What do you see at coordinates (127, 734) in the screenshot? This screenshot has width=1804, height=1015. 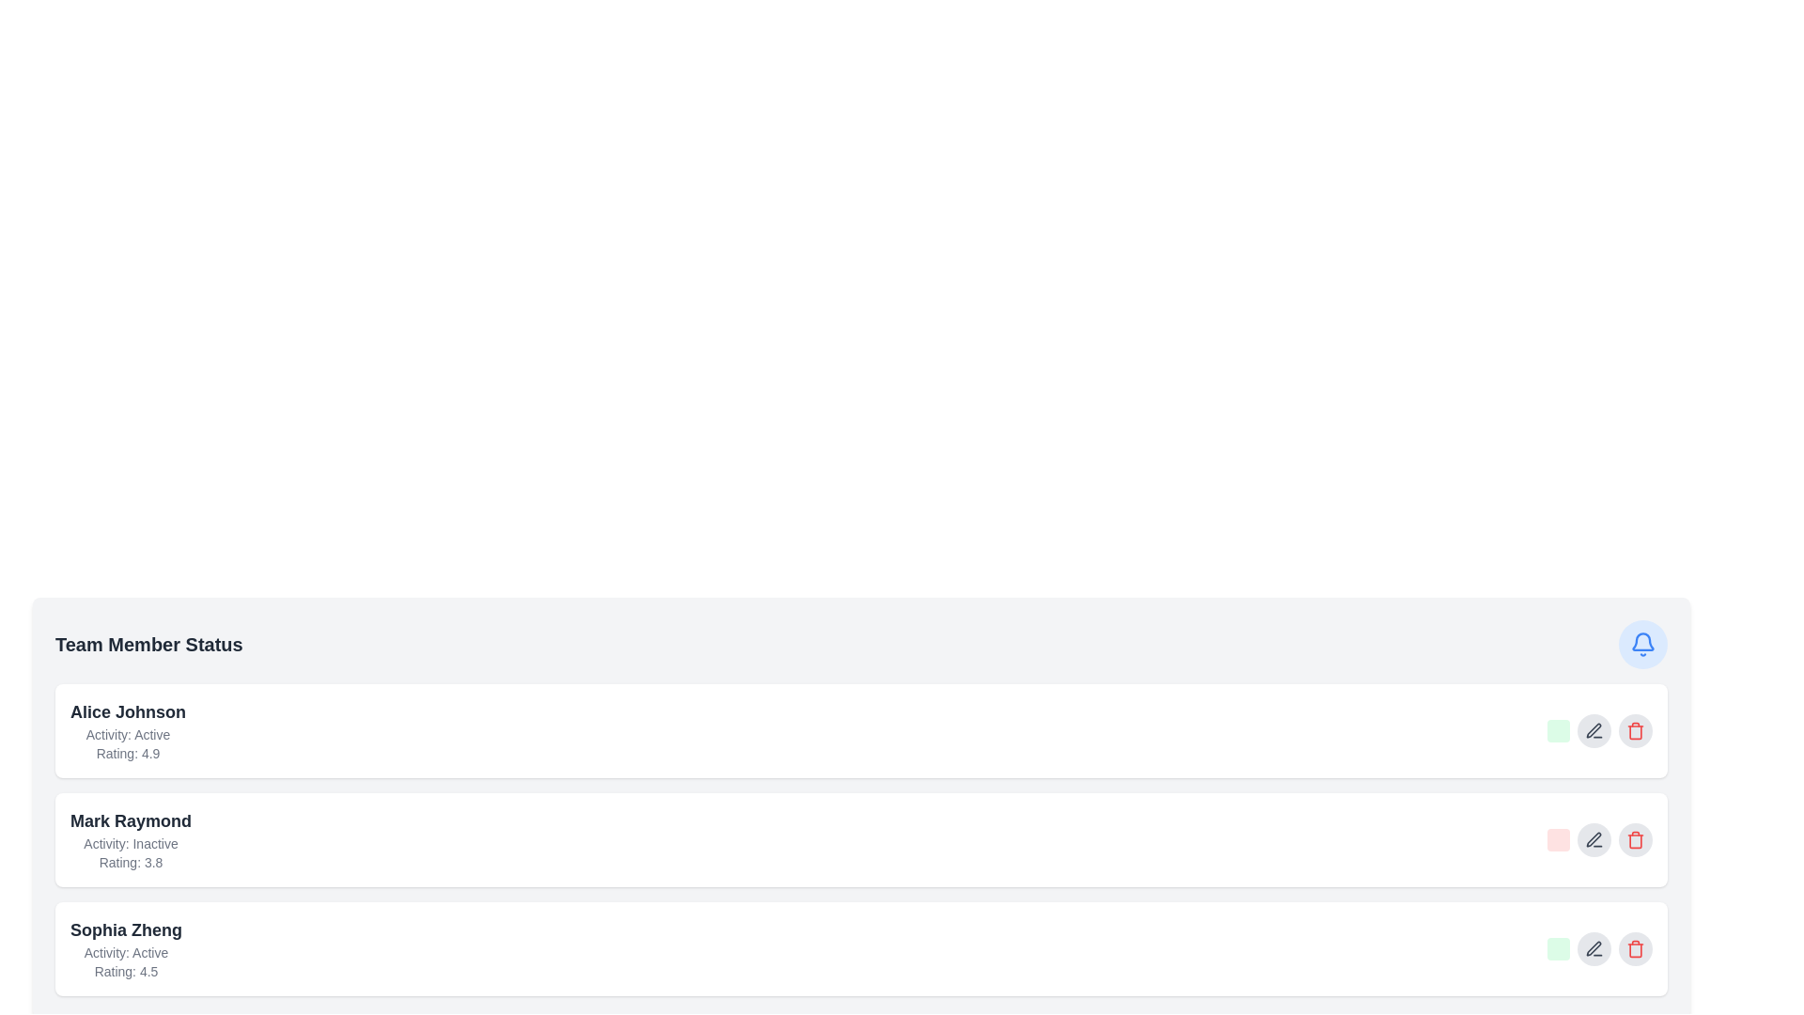 I see `the text label displaying 'Activity: Active', which is styled in gray and located within a user detail card, positioned below 'Alice Johnson'` at bounding box center [127, 734].